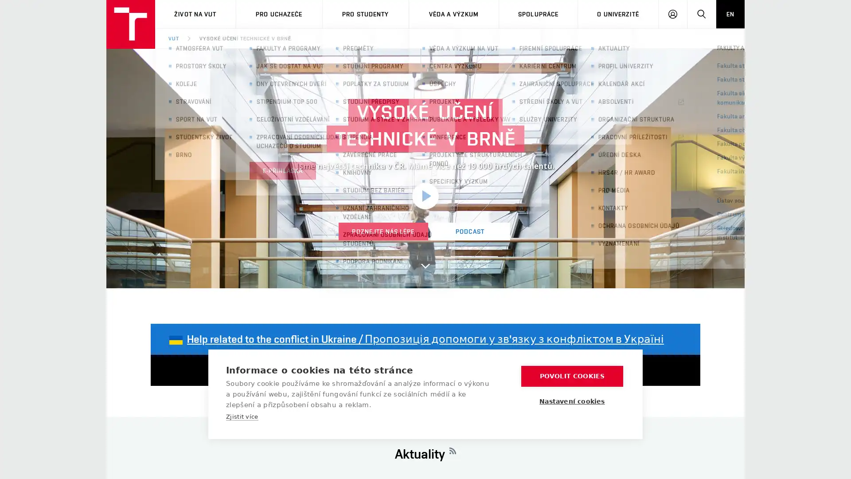  What do you see at coordinates (572, 401) in the screenshot?
I see `Nastaveni cookies` at bounding box center [572, 401].